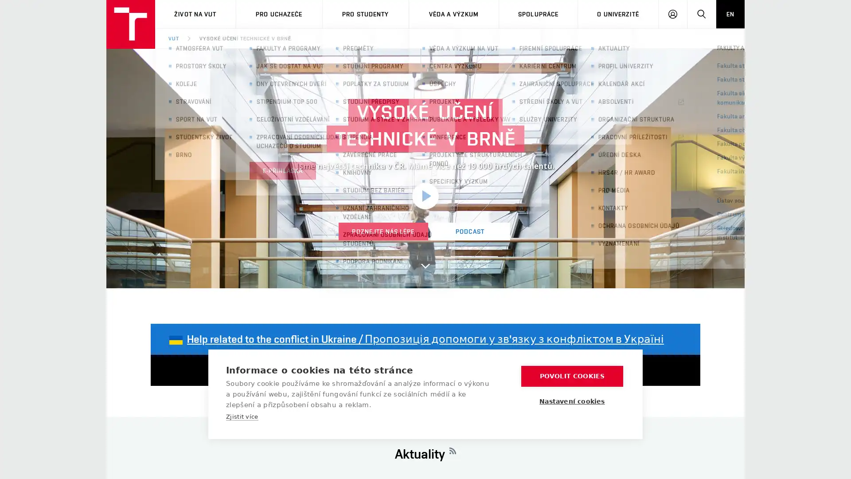  What do you see at coordinates (572, 401) in the screenshot?
I see `Nastaveni cookies` at bounding box center [572, 401].